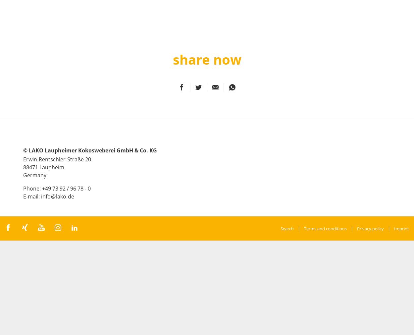  I want to click on 'de', so click(71, 196).